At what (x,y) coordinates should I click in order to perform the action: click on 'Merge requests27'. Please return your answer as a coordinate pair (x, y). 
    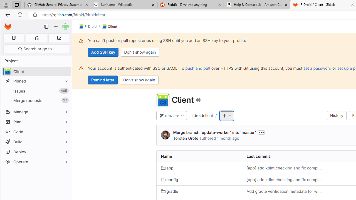
    Looking at the image, I should click on (36, 100).